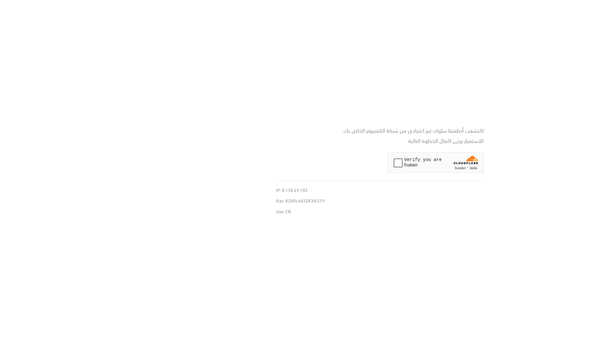 The width and height of the screenshot is (613, 344). I want to click on 'Widget containing a Cloudflare security challenge', so click(435, 162).